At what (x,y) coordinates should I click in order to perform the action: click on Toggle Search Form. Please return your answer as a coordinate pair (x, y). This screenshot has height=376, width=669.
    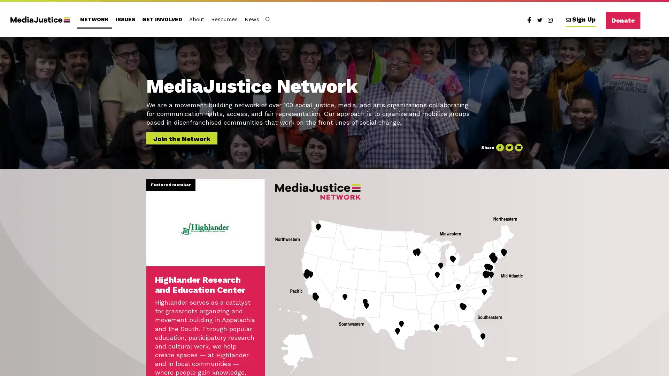
    Looking at the image, I should click on (267, 19).